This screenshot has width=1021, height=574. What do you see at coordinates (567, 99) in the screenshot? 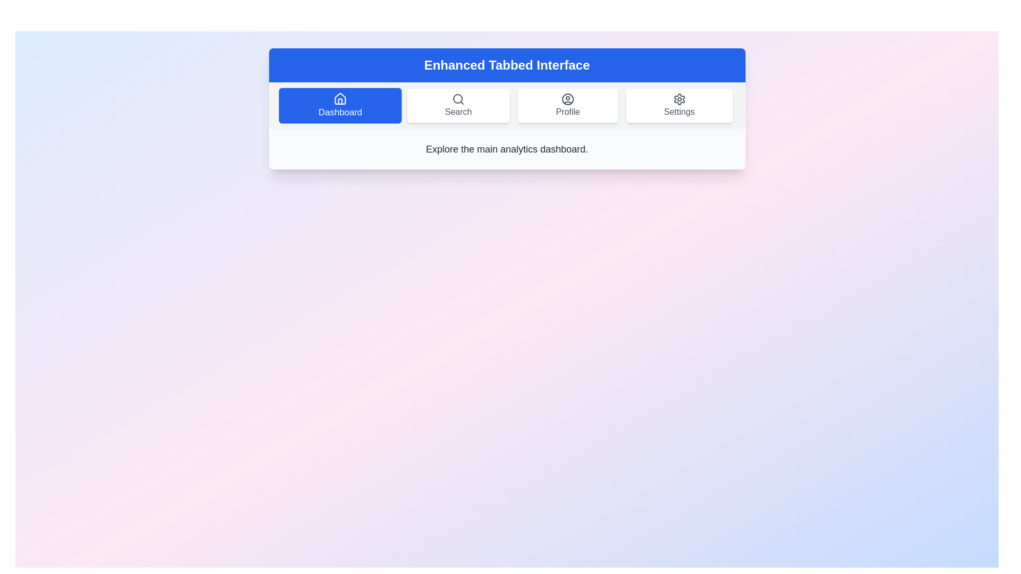
I see `the circular user profile icon located in the 'Profile' tab, which features a dark gray color and is positioned above the 'Profile' text` at bounding box center [567, 99].